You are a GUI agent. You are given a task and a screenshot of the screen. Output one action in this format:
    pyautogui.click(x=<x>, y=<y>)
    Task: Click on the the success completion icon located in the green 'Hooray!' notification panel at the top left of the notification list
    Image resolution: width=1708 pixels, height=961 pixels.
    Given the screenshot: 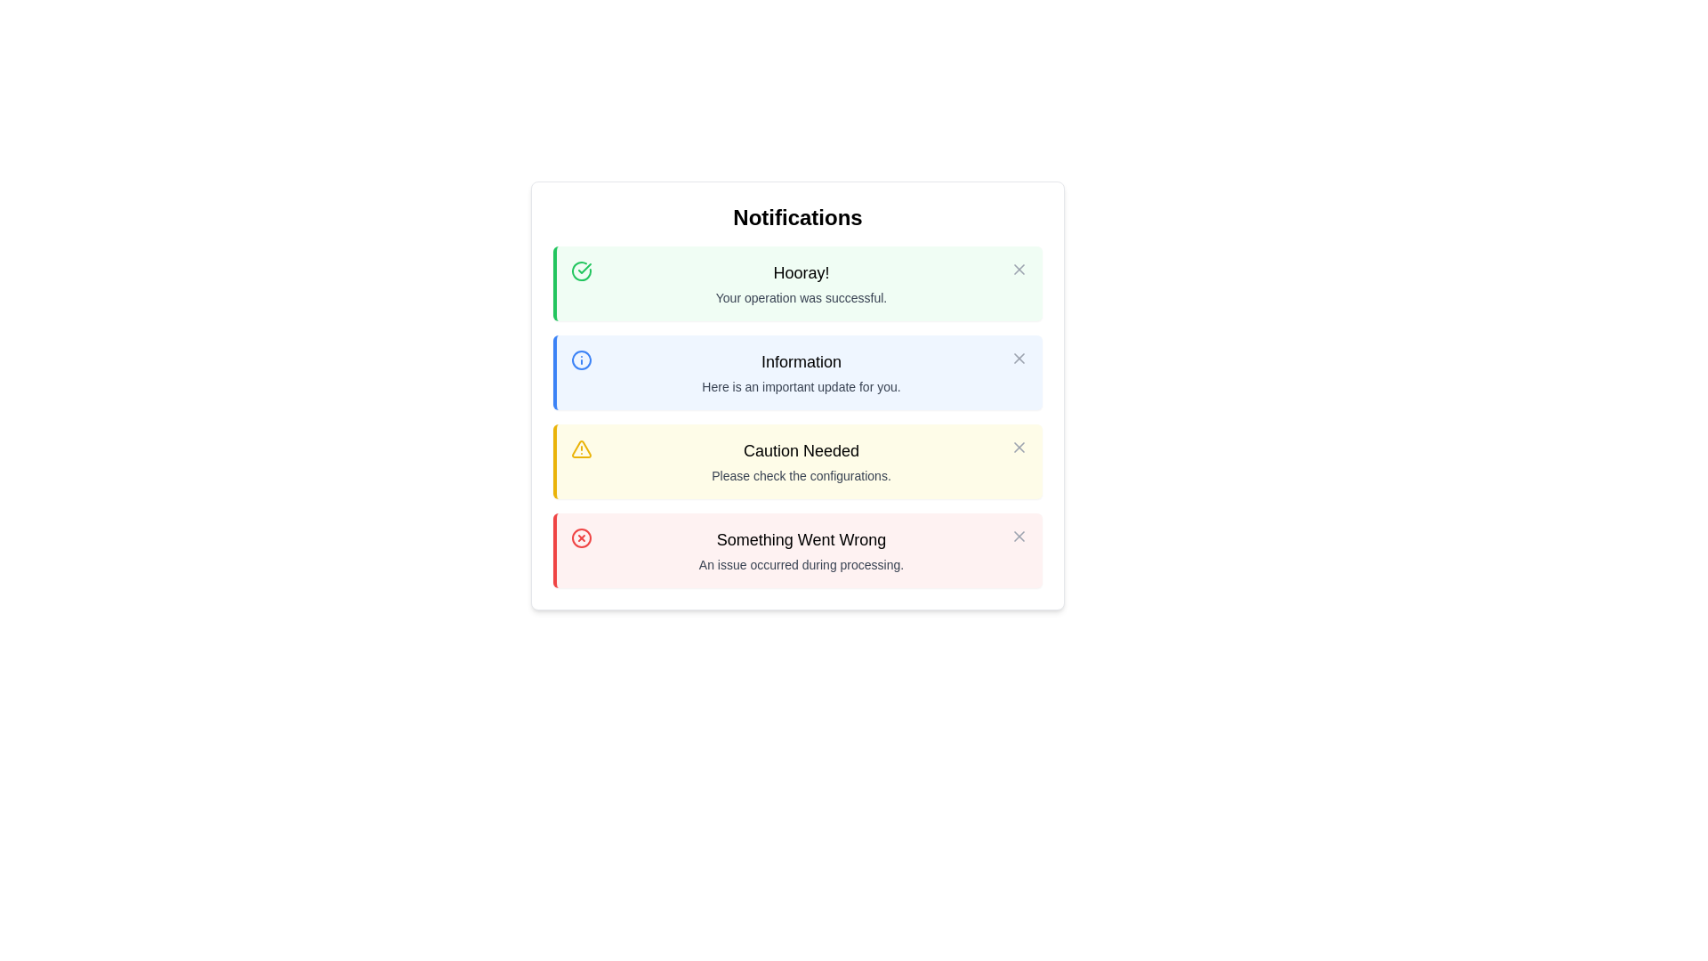 What is the action you would take?
    pyautogui.click(x=584, y=268)
    